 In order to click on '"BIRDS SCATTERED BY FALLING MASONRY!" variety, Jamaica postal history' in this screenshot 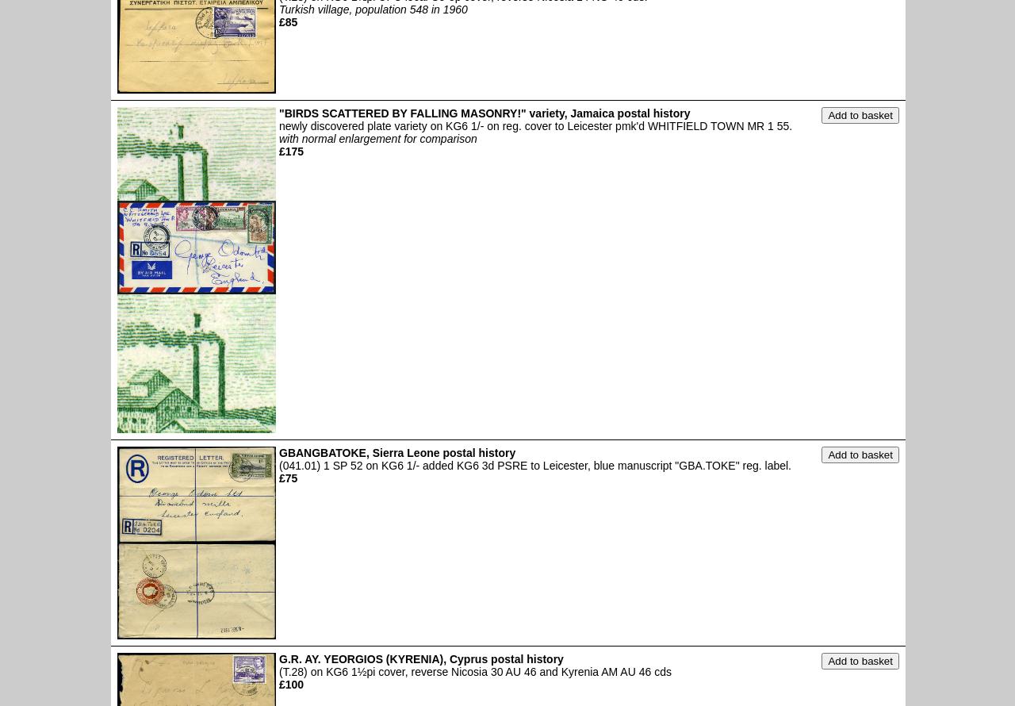, I will do `click(483, 113)`.